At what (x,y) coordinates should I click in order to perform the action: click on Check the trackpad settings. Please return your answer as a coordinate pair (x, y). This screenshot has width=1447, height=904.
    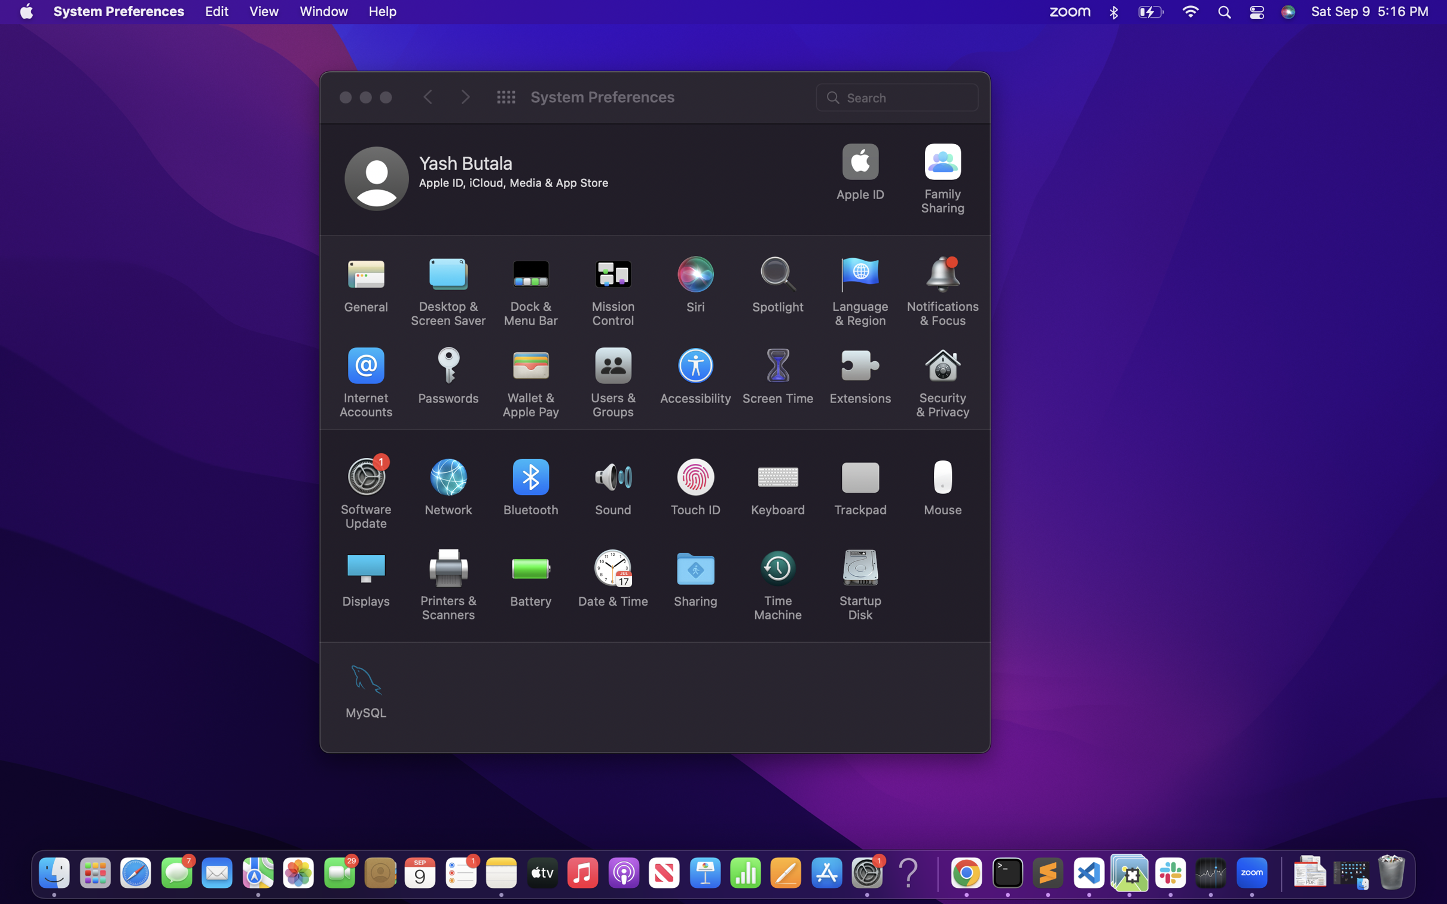
    Looking at the image, I should click on (861, 484).